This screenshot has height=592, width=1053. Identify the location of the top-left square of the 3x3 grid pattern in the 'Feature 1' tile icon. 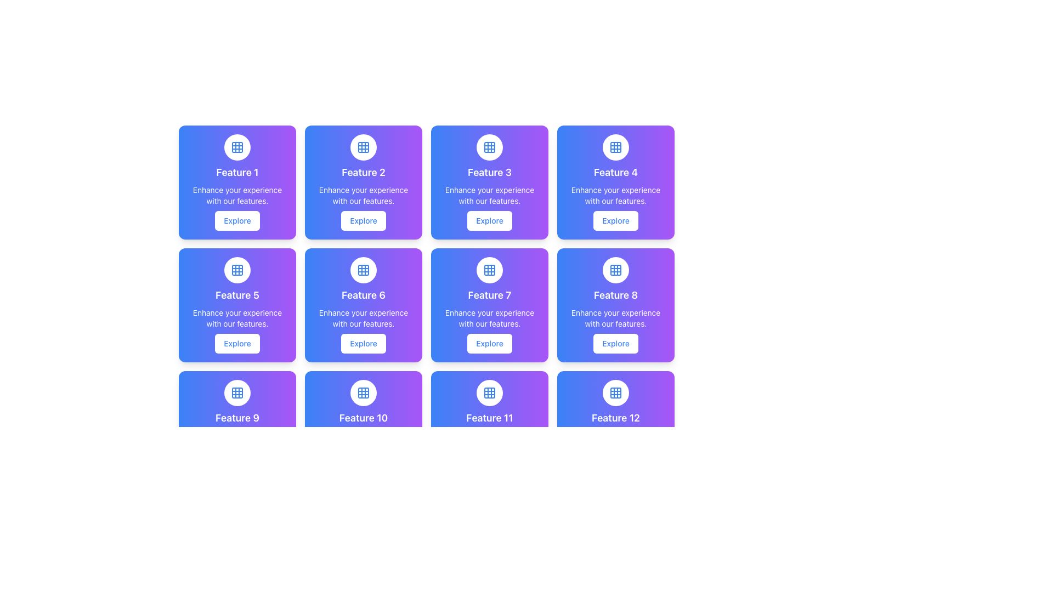
(236, 147).